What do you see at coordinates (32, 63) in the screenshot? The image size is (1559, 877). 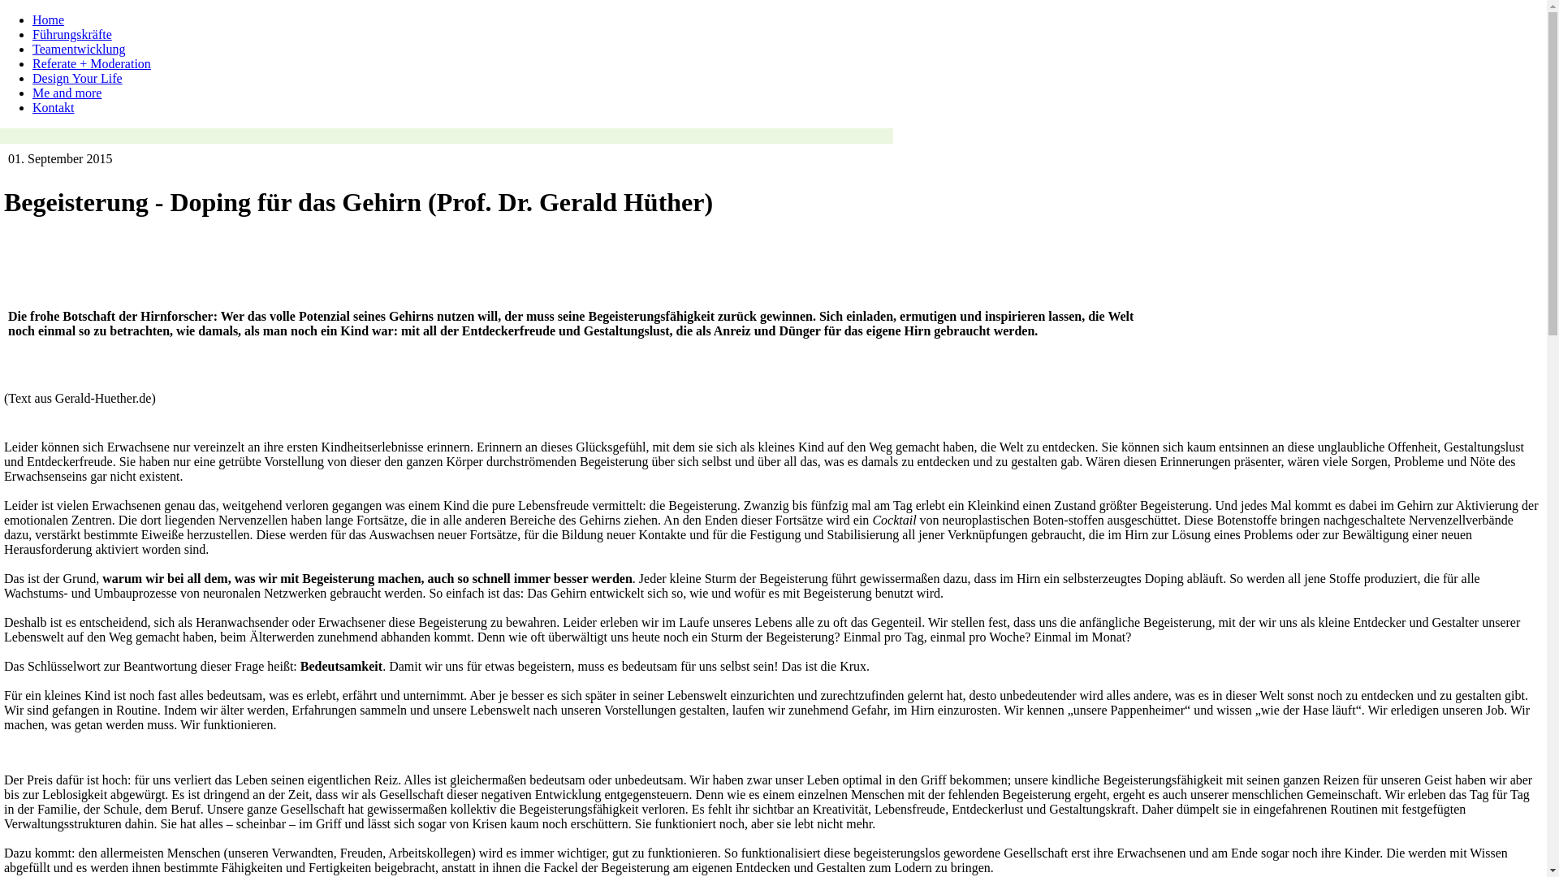 I see `'Referate + Moderation'` at bounding box center [32, 63].